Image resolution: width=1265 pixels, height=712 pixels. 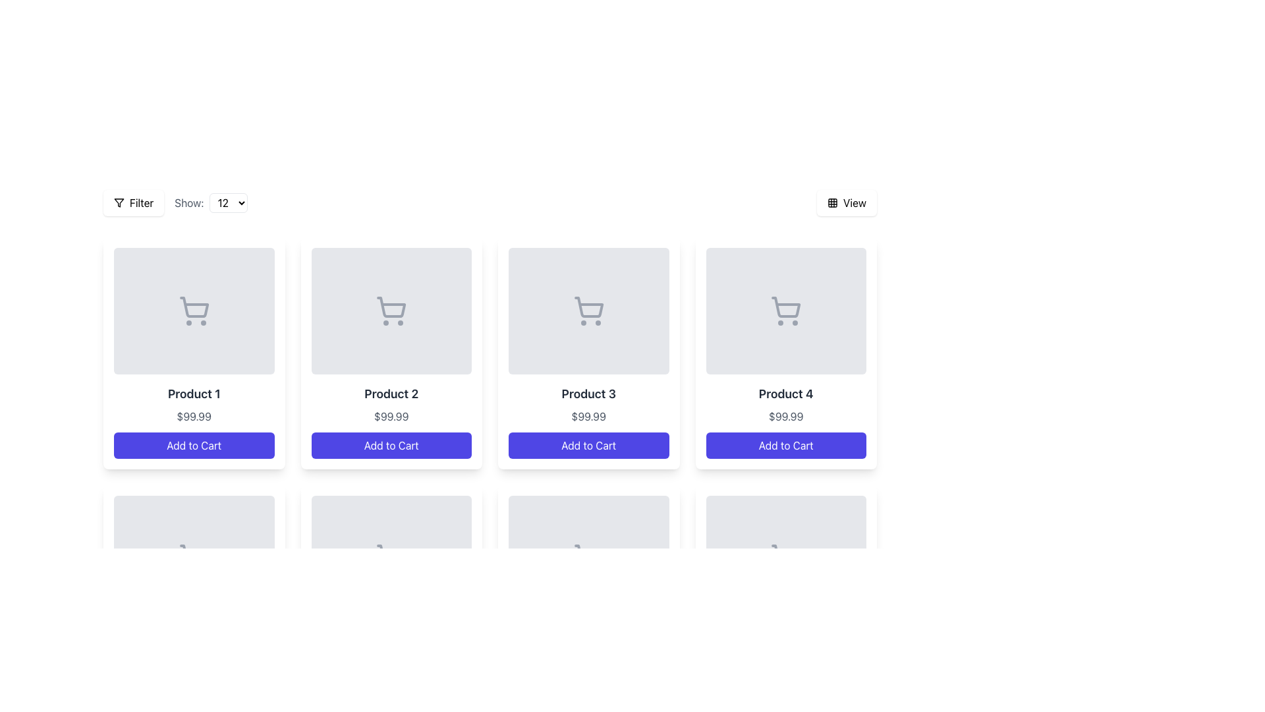 What do you see at coordinates (391, 311) in the screenshot?
I see `the shopping cart icon located in the upper portion of the second product card within the grid layout to interact with it` at bounding box center [391, 311].